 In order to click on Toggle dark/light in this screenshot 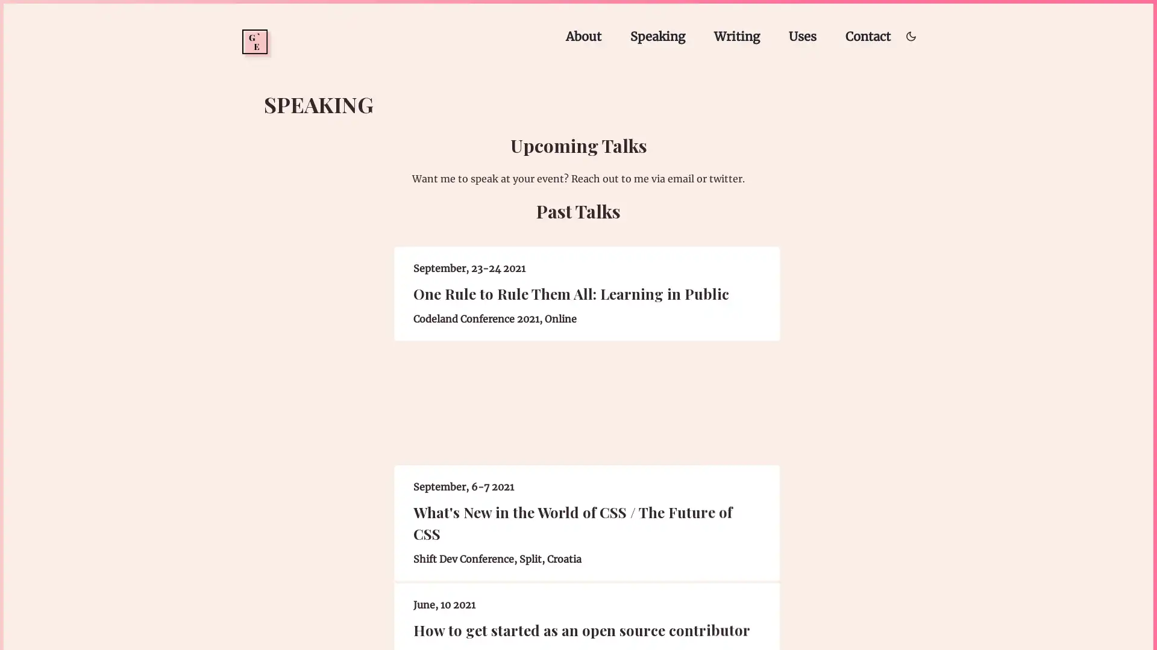, I will do `click(911, 34)`.